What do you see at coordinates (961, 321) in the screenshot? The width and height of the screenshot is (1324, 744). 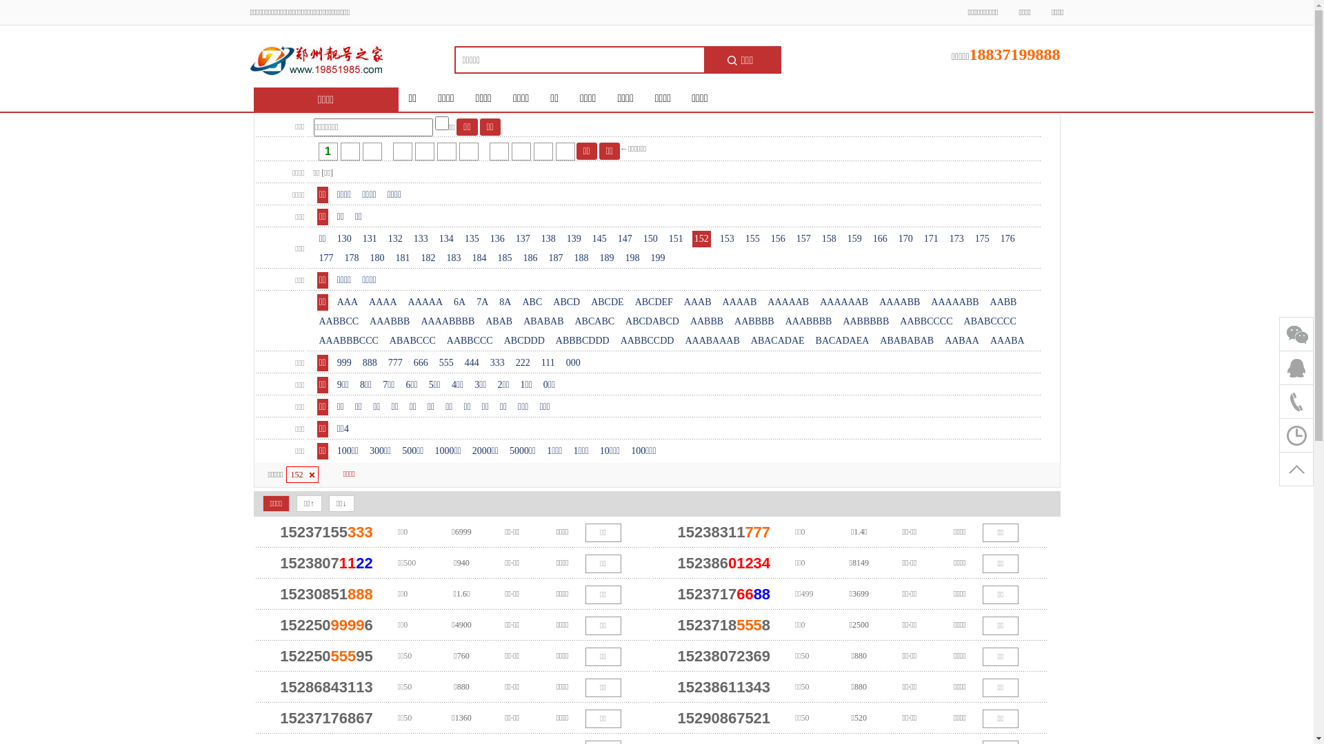 I see `'ABABCCCC'` at bounding box center [961, 321].